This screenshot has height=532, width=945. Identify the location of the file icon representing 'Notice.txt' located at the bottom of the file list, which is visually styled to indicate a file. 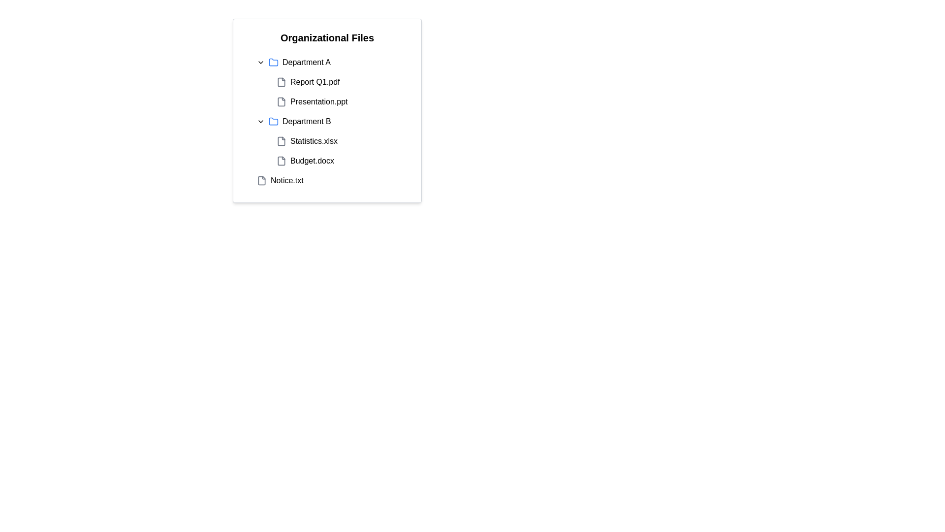
(262, 180).